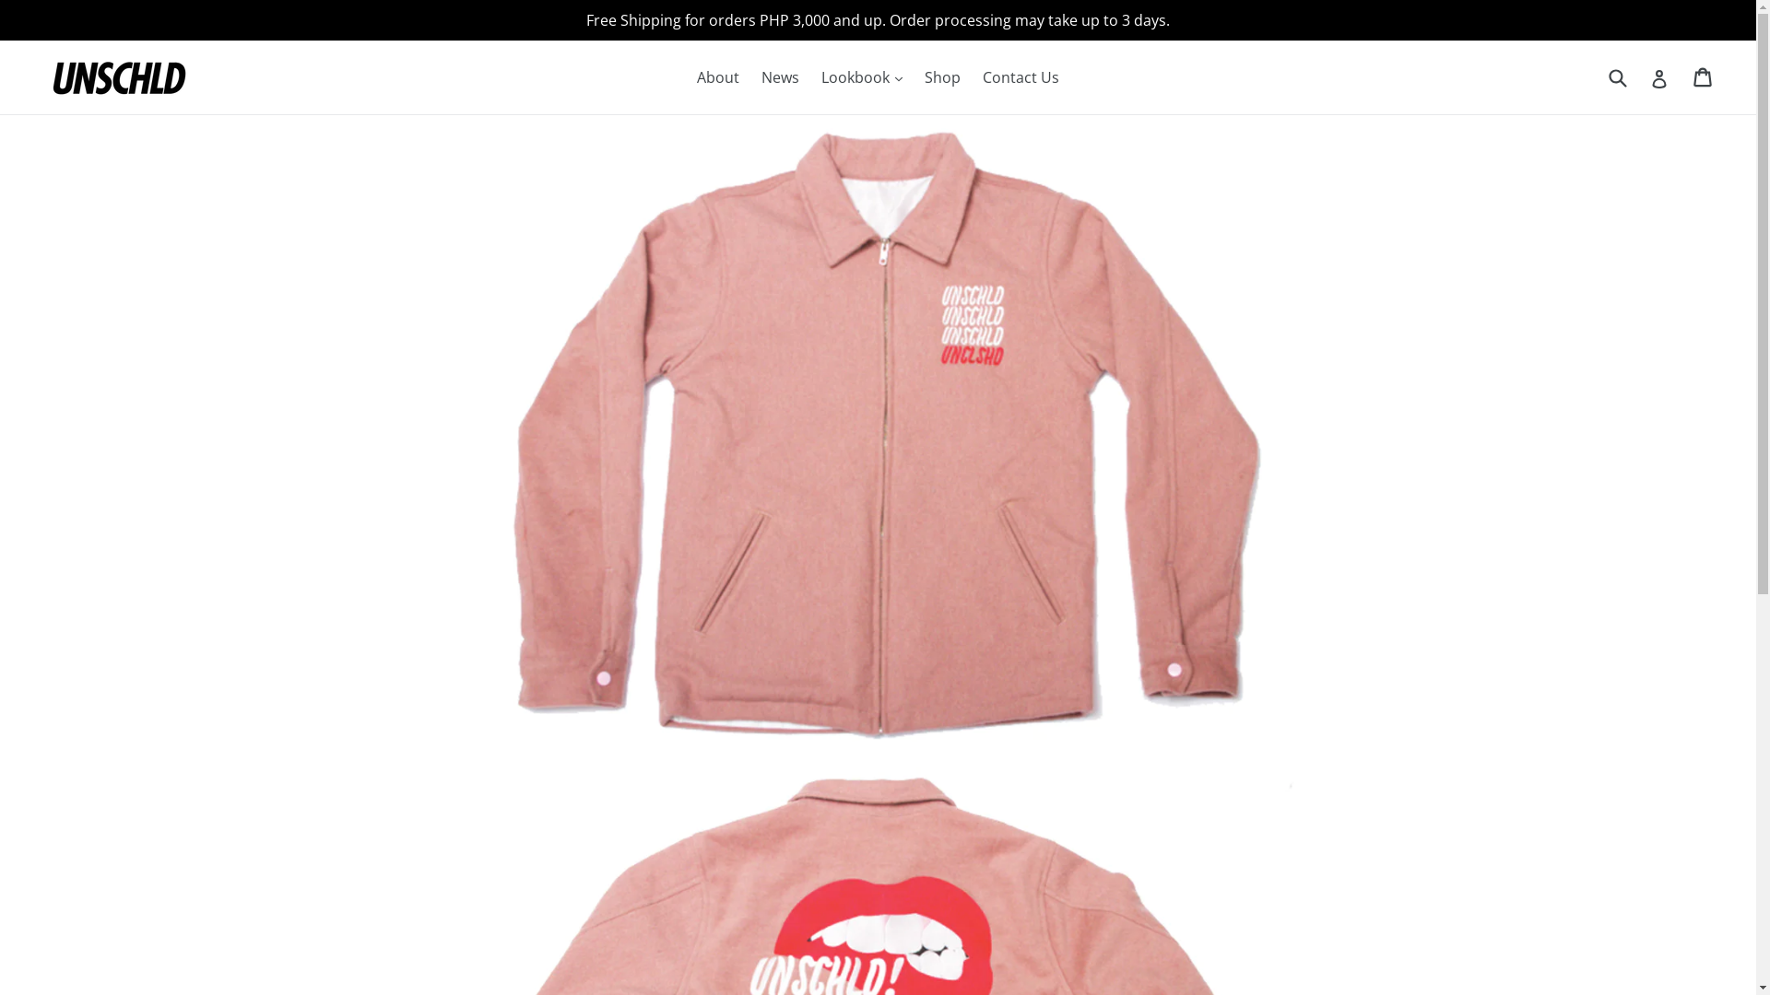 Image resolution: width=1770 pixels, height=995 pixels. Describe the element at coordinates (1703, 76) in the screenshot. I see `'Cart` at that location.